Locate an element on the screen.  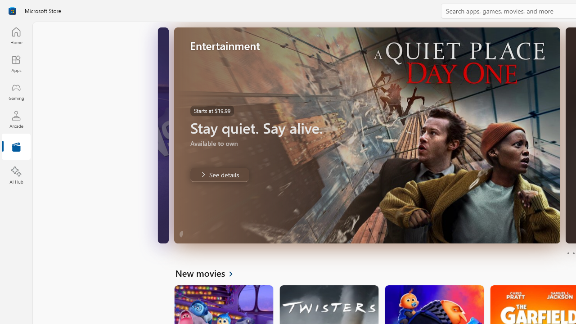
'Page 2' is located at coordinates (573, 253).